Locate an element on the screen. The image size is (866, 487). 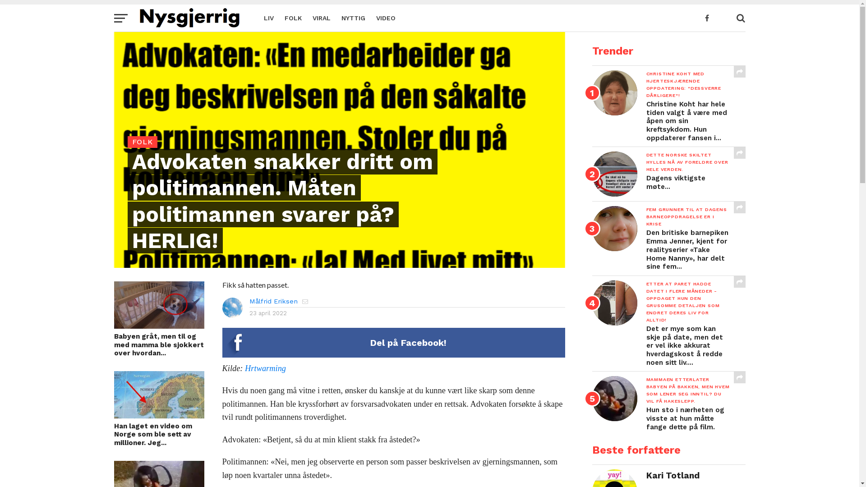
'FOLK' is located at coordinates (292, 18).